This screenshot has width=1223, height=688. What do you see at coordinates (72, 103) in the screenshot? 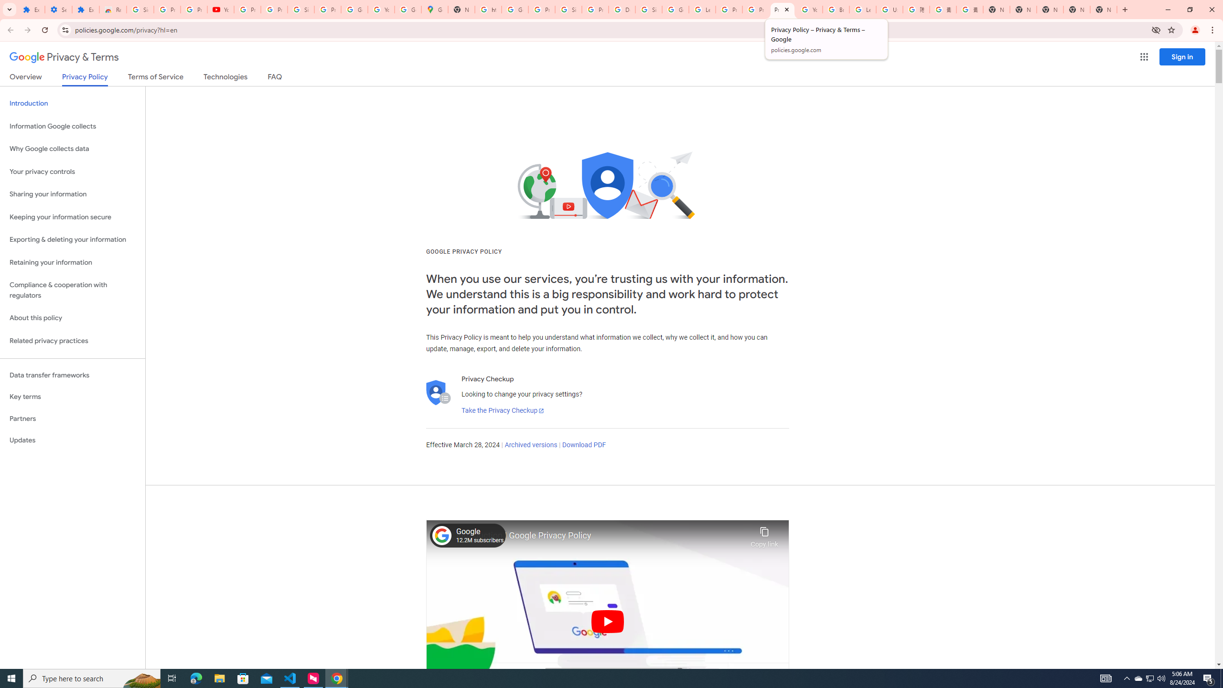
I see `'Introduction'` at bounding box center [72, 103].